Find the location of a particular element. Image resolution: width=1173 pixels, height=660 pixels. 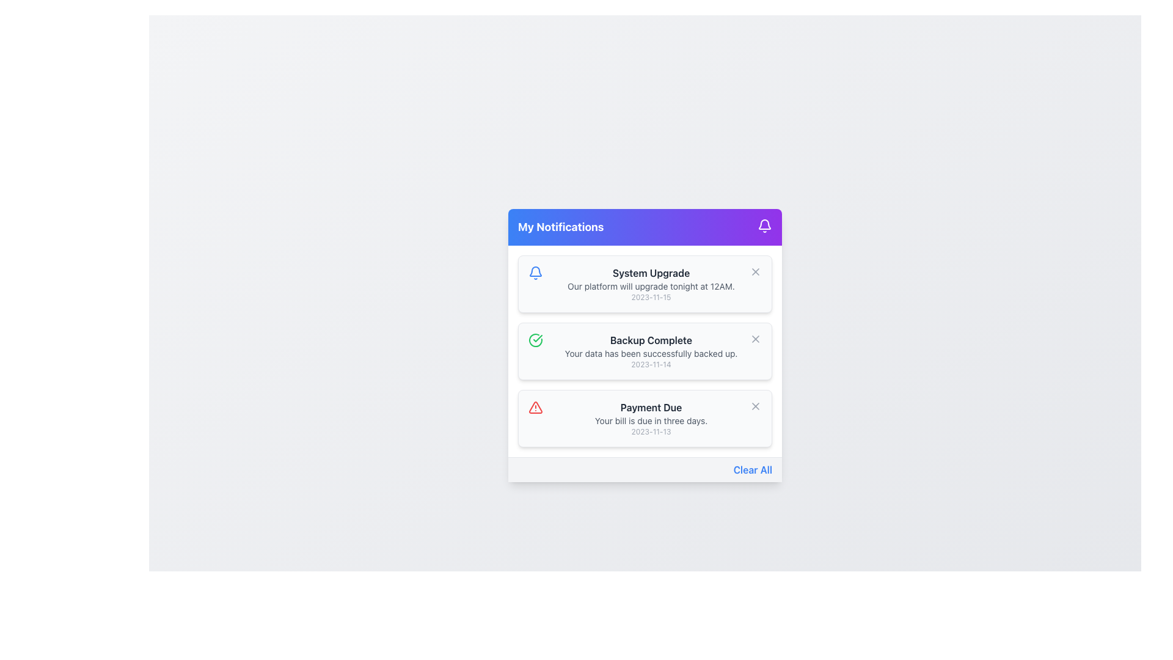

the feedback text indicating that the data backup operation has been successfully completed, located between 'Backup Complete' and the date '2023-11-14' in the notification list under 'My Notifications' is located at coordinates (650, 353).